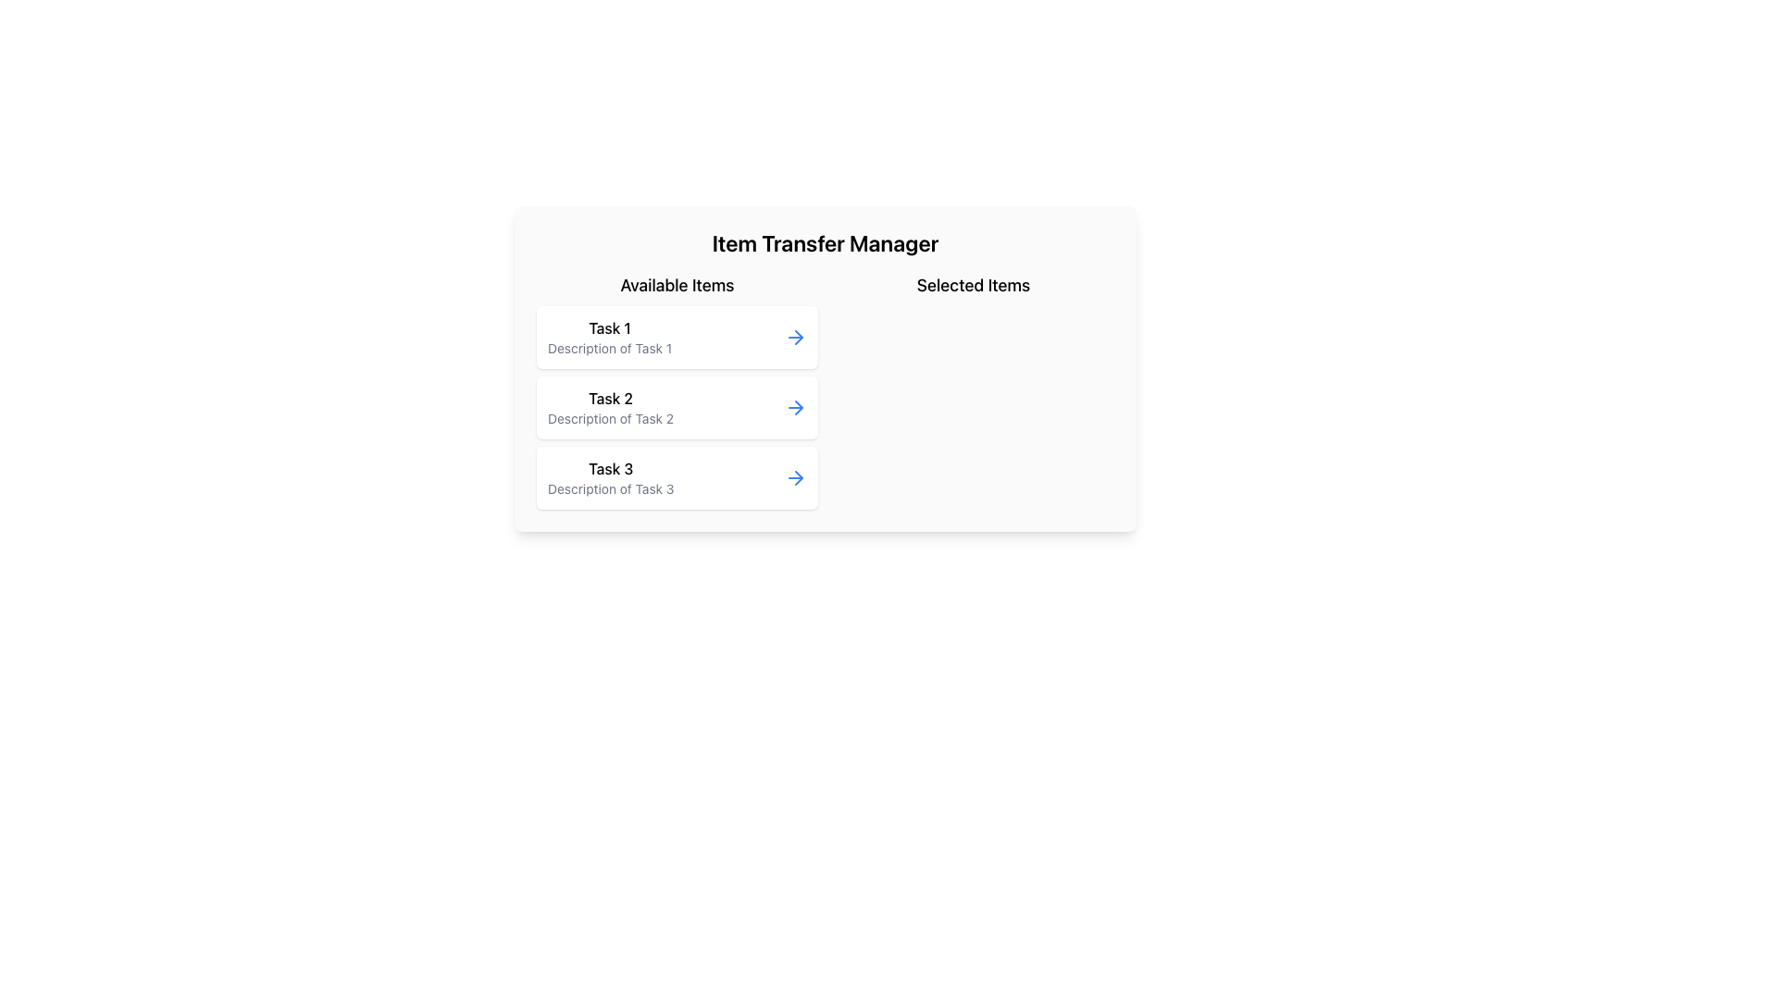 This screenshot has width=1777, height=999. Describe the element at coordinates (676, 406) in the screenshot. I see `the second task item card in the 'Available Items' list, which allows users` at that location.